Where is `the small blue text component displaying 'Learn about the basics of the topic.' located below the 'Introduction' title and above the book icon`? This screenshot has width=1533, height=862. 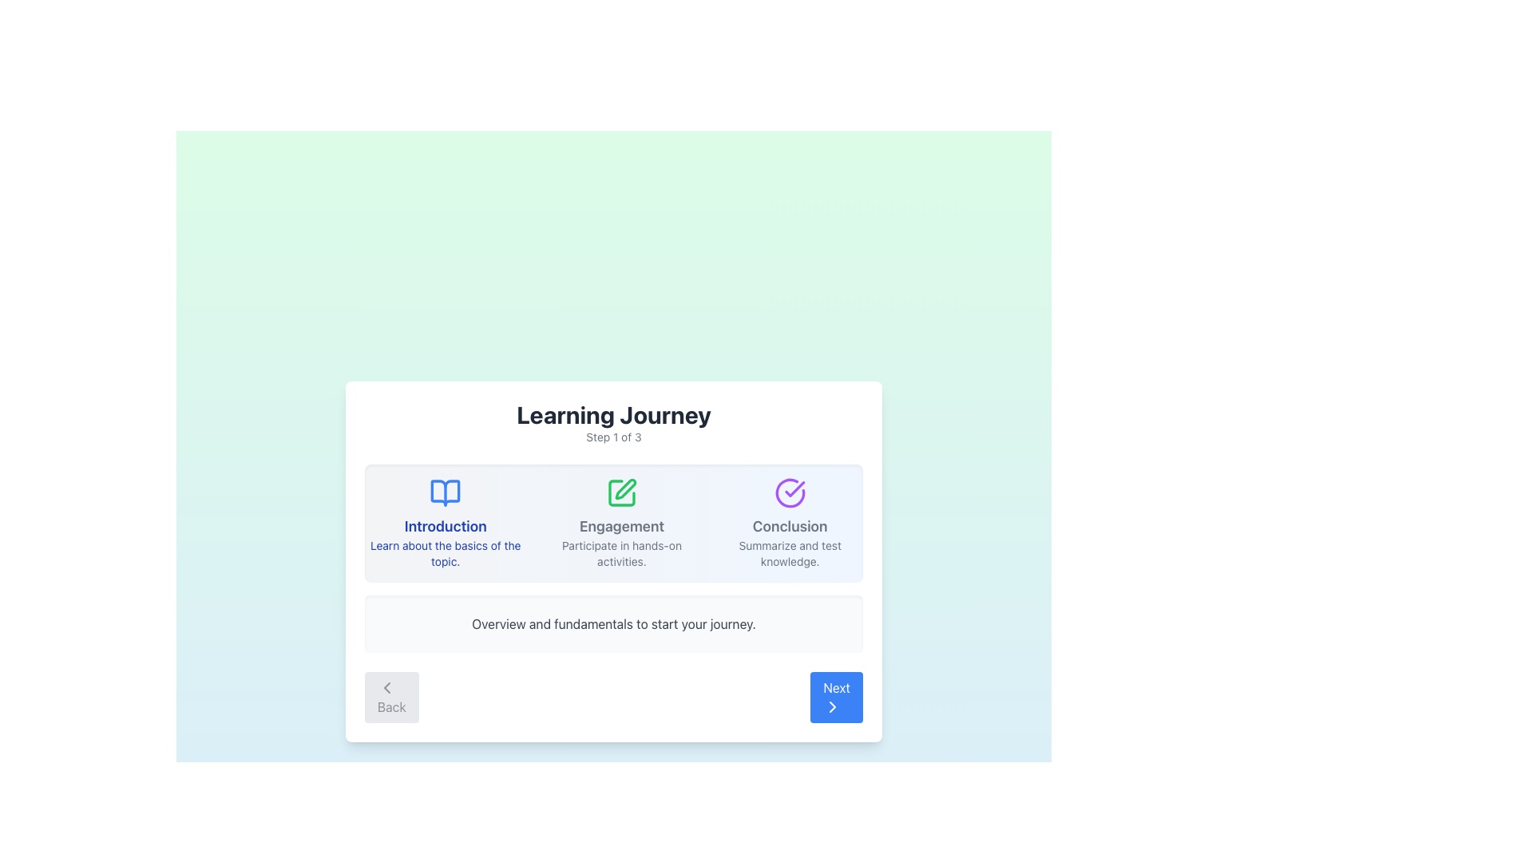
the small blue text component displaying 'Learn about the basics of the topic.' located below the 'Introduction' title and above the book icon is located at coordinates (446, 553).